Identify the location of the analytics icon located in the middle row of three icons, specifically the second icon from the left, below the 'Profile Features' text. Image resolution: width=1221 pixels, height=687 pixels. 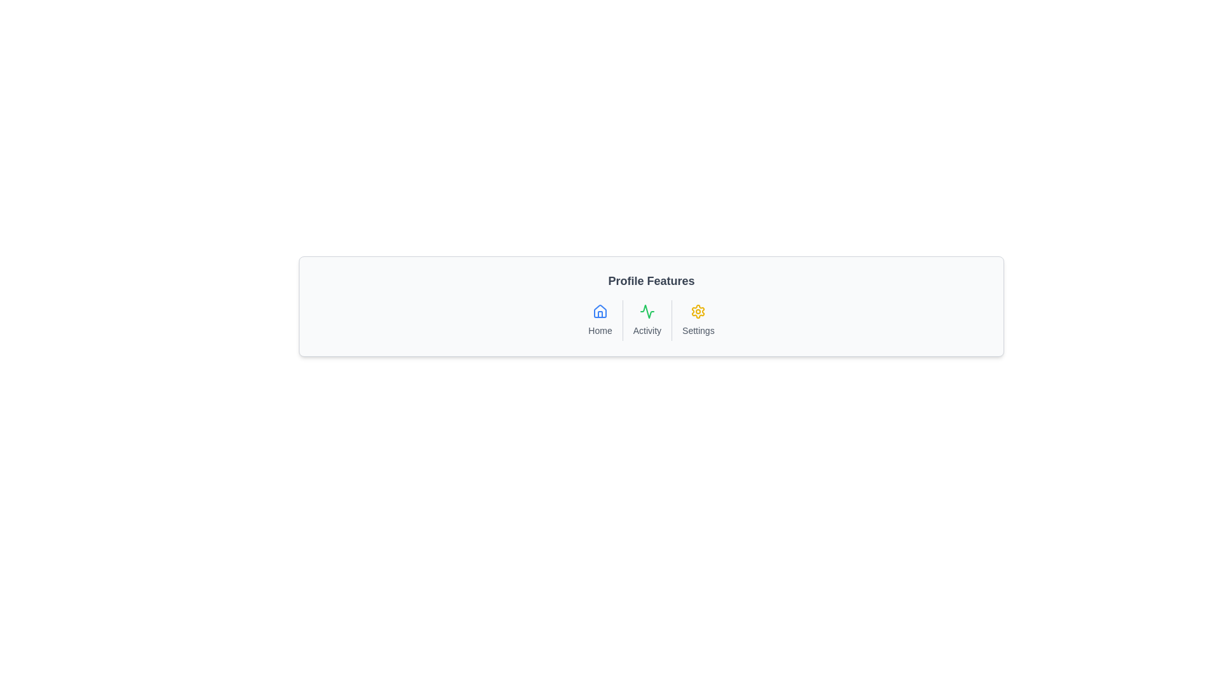
(647, 311).